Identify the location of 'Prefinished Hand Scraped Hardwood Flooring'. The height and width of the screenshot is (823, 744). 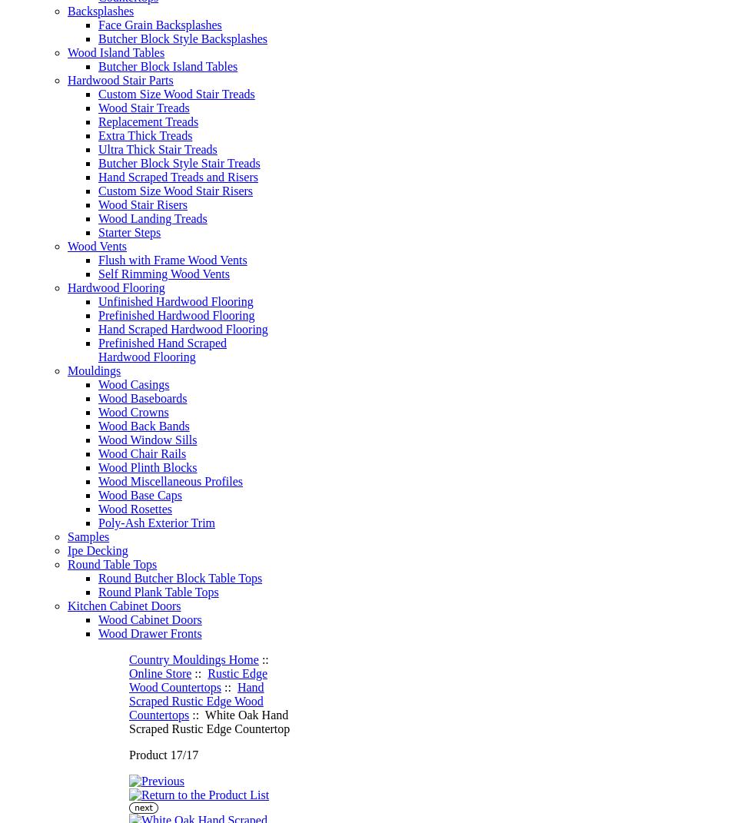
(97, 350).